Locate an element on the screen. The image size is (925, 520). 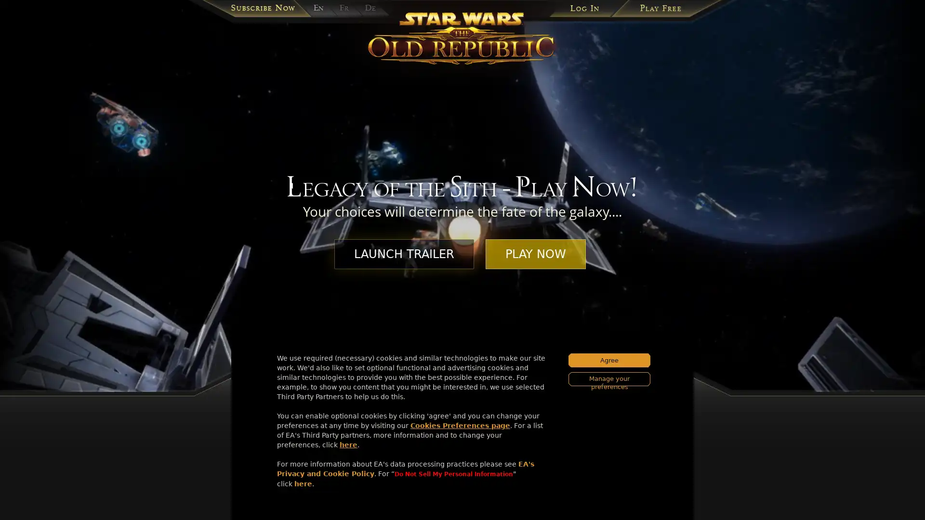
Agree is located at coordinates (609, 360).